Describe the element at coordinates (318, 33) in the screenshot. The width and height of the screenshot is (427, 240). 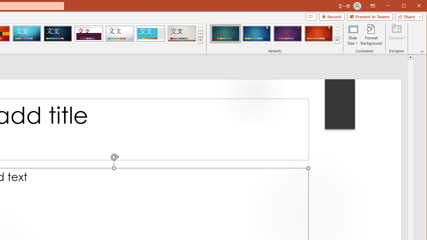
I see `'Ion Variant 4'` at that location.